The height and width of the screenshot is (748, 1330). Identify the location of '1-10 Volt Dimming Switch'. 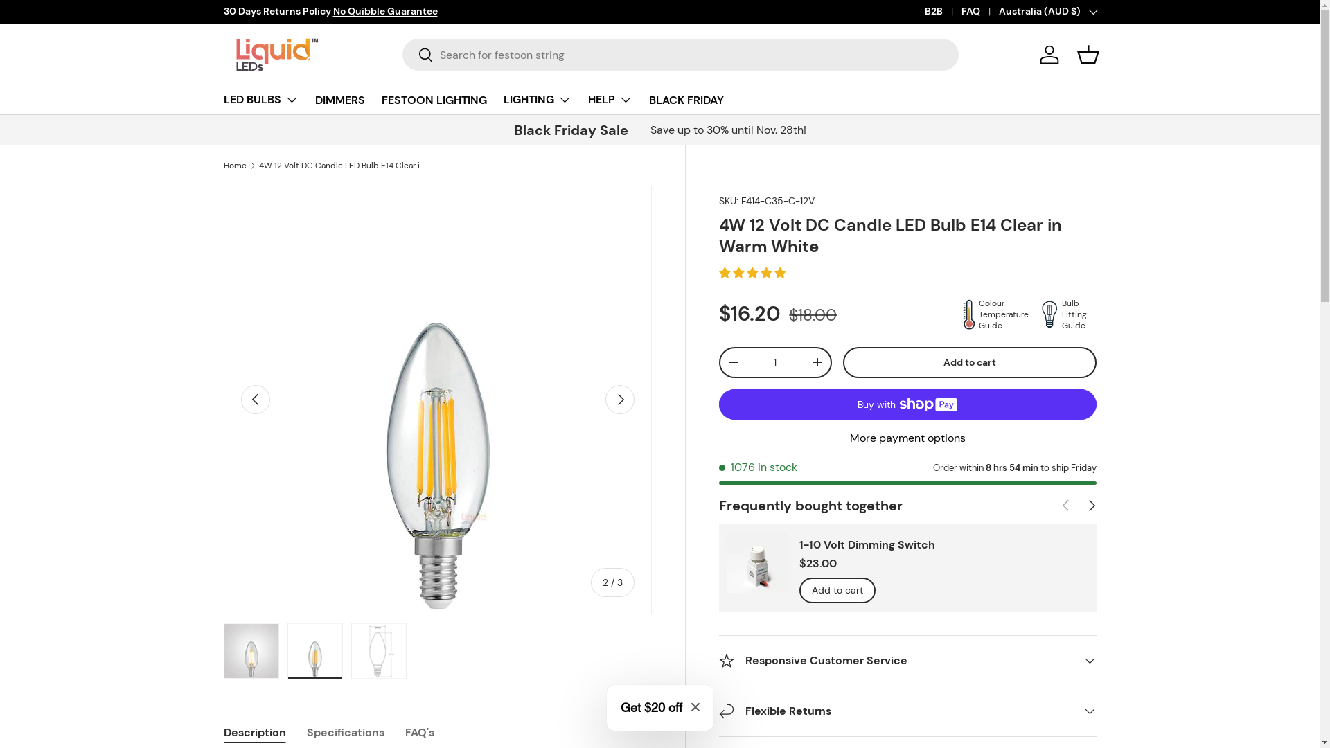
(867, 544).